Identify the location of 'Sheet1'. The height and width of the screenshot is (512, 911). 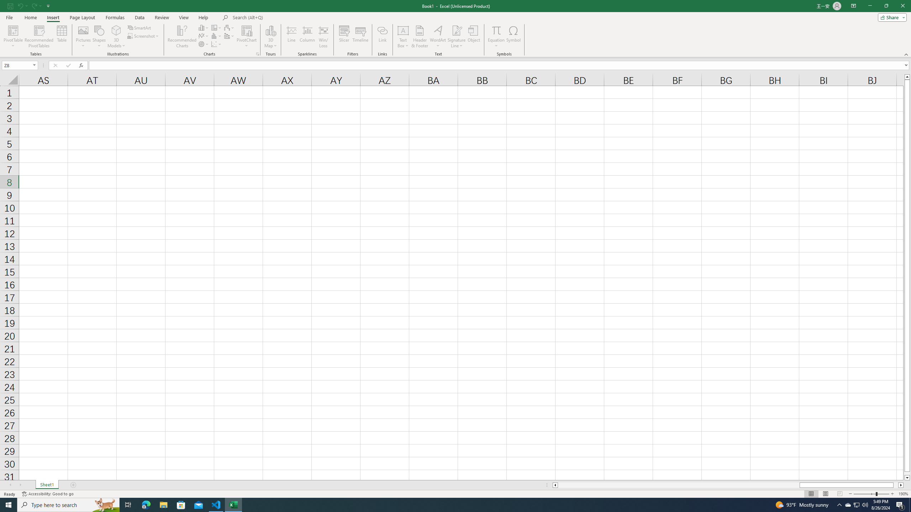
(46, 485).